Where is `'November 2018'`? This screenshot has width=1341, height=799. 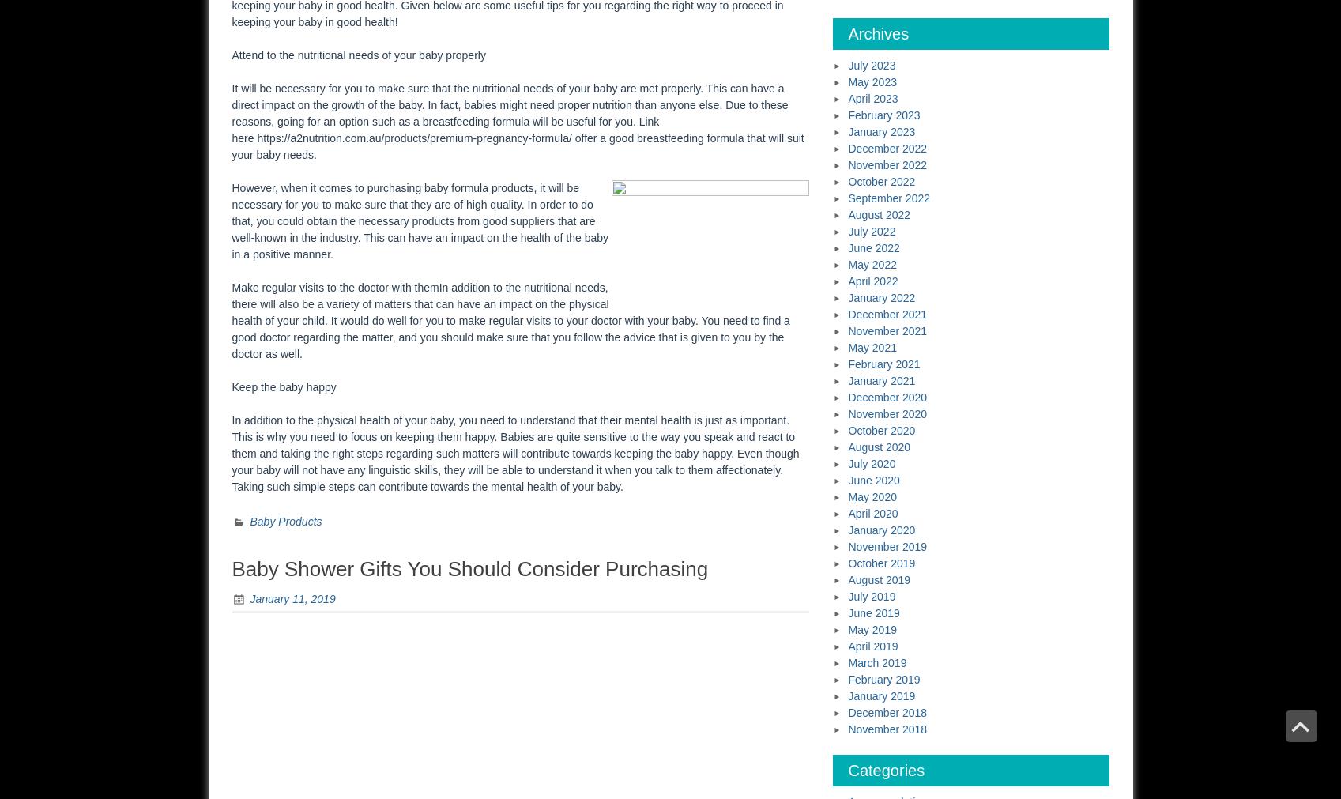
'November 2018' is located at coordinates (887, 729).